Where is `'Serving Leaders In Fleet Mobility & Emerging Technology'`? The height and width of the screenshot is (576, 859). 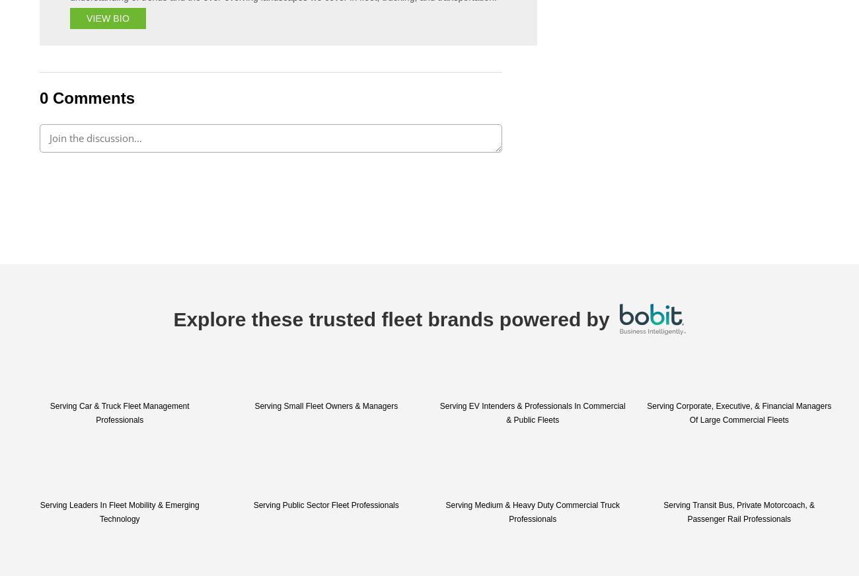
'Serving Leaders In Fleet Mobility & Emerging Technology' is located at coordinates (119, 512).